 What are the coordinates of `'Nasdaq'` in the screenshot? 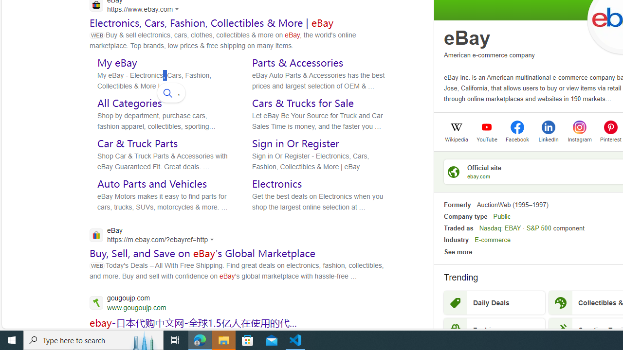 It's located at (490, 228).